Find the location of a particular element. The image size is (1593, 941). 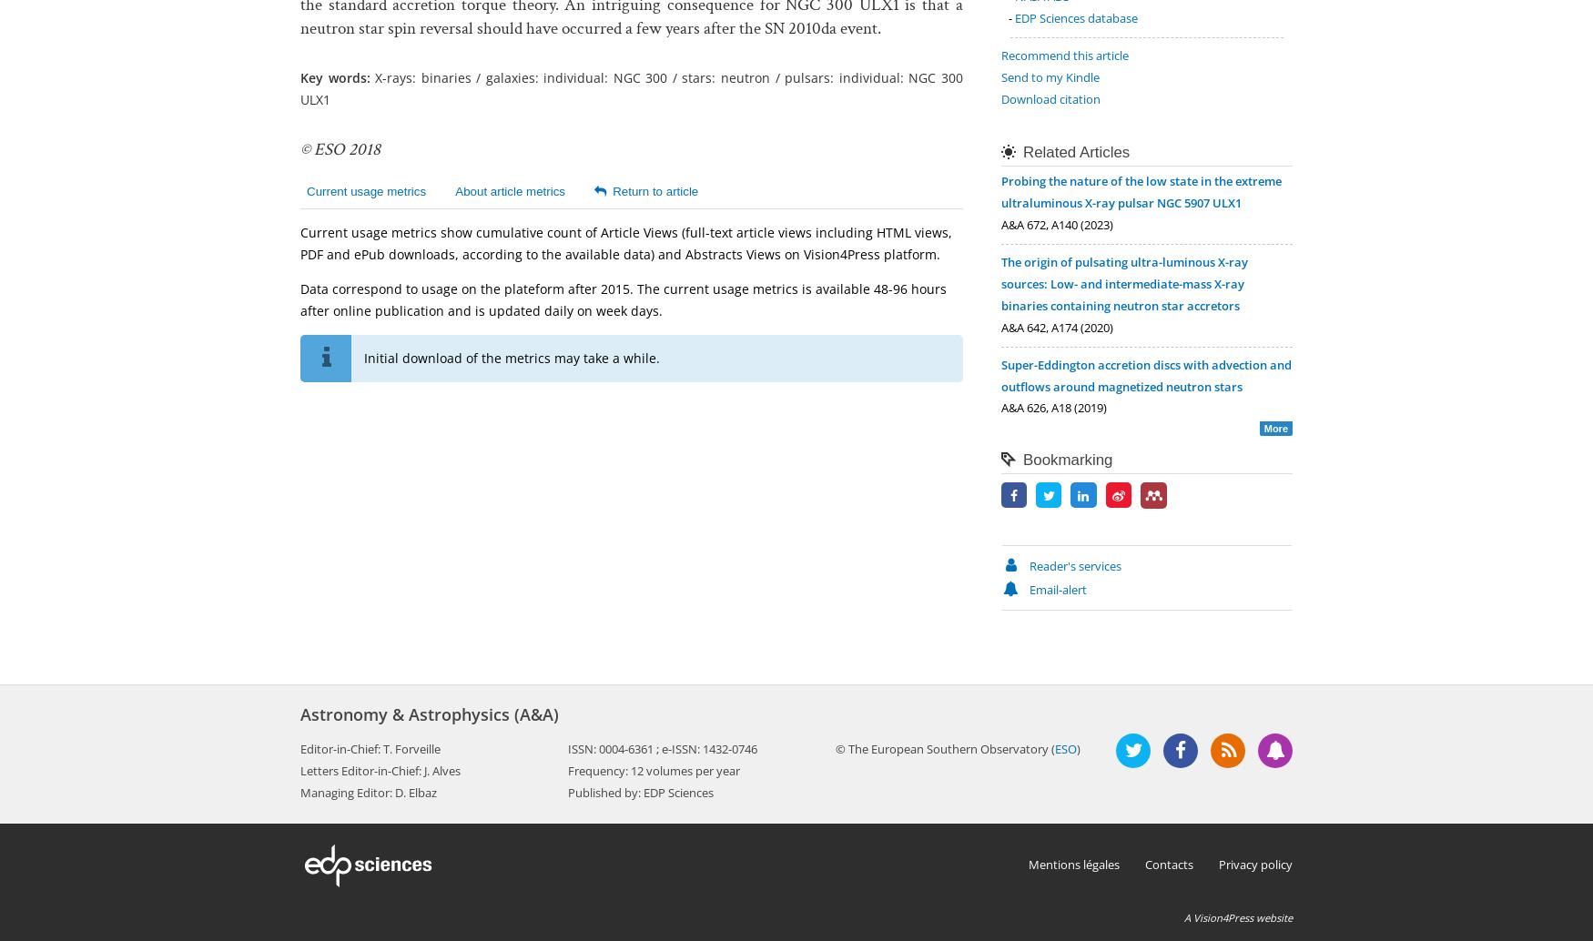

'ESO' is located at coordinates (1064, 747).